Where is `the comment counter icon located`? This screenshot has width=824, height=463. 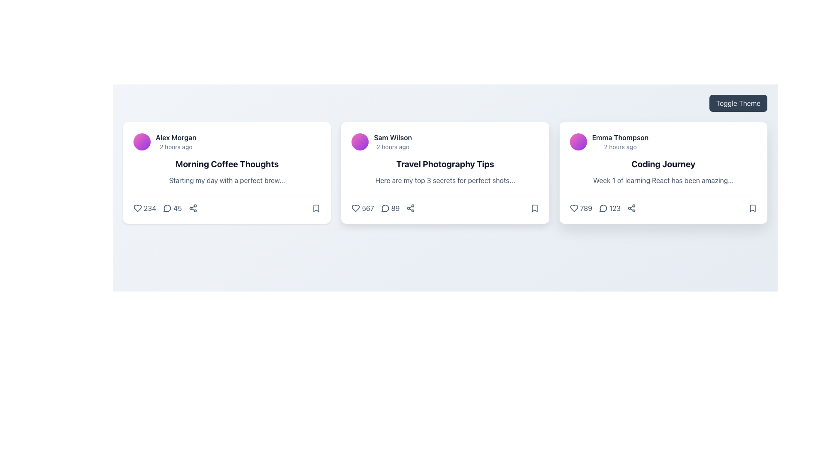
the comment counter icon located is located at coordinates (172, 208).